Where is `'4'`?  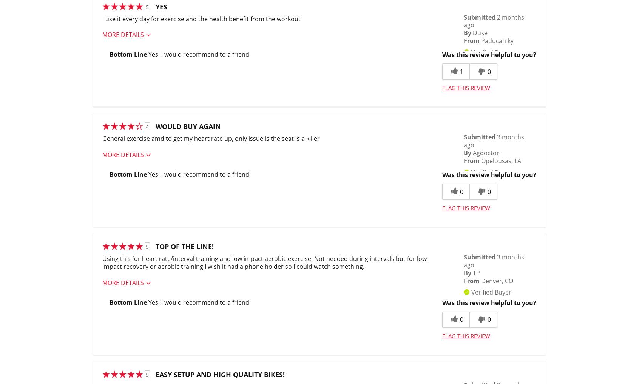 '4' is located at coordinates (147, 126).